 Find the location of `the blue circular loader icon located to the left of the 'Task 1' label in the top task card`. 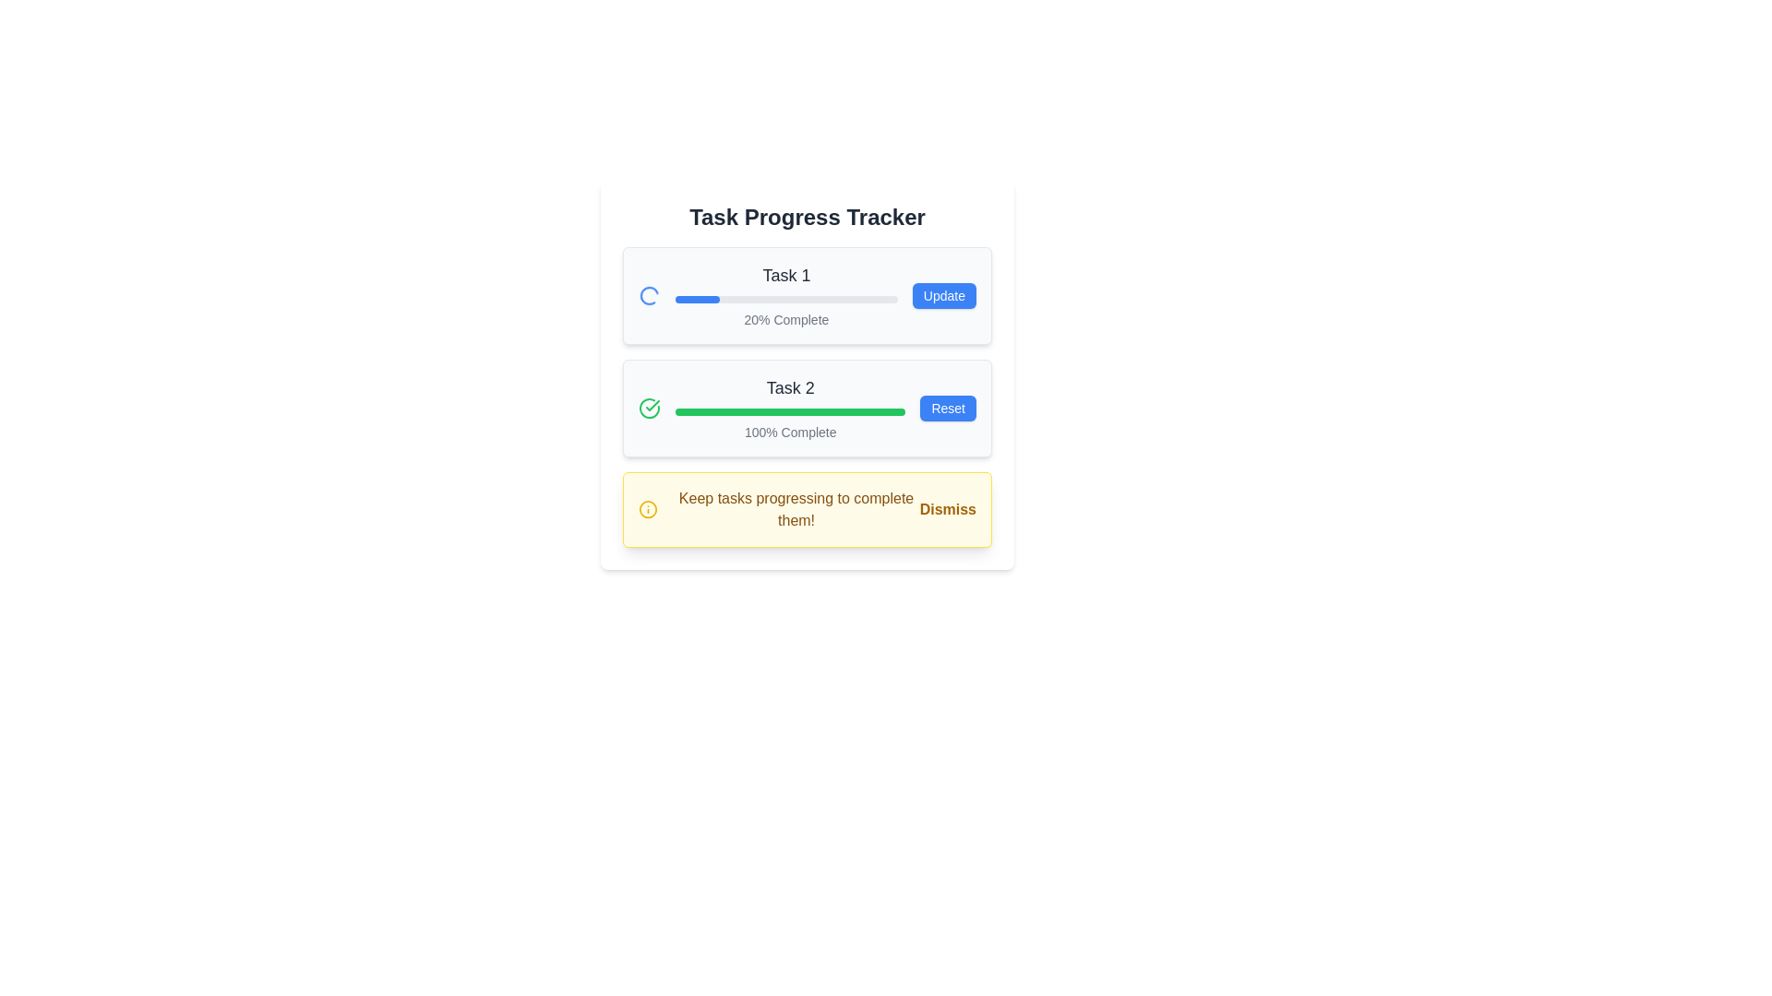

the blue circular loader icon located to the left of the 'Task 1' label in the top task card is located at coordinates (650, 294).